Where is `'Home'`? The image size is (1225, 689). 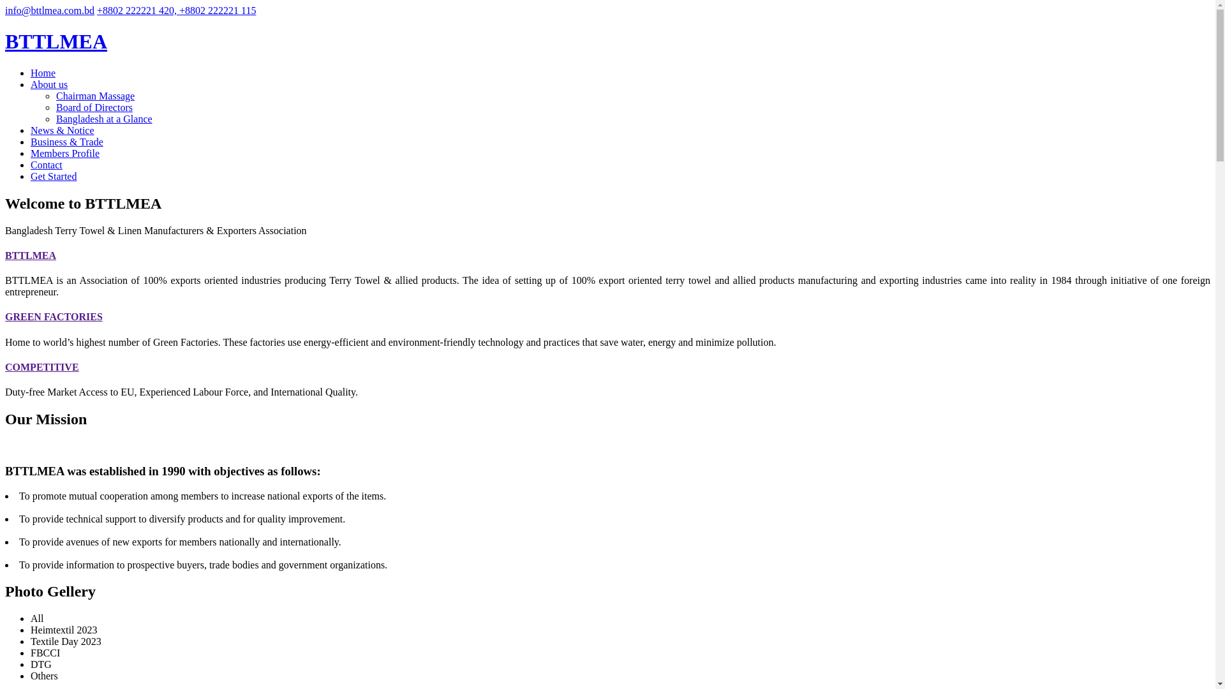
'Home' is located at coordinates (43, 73).